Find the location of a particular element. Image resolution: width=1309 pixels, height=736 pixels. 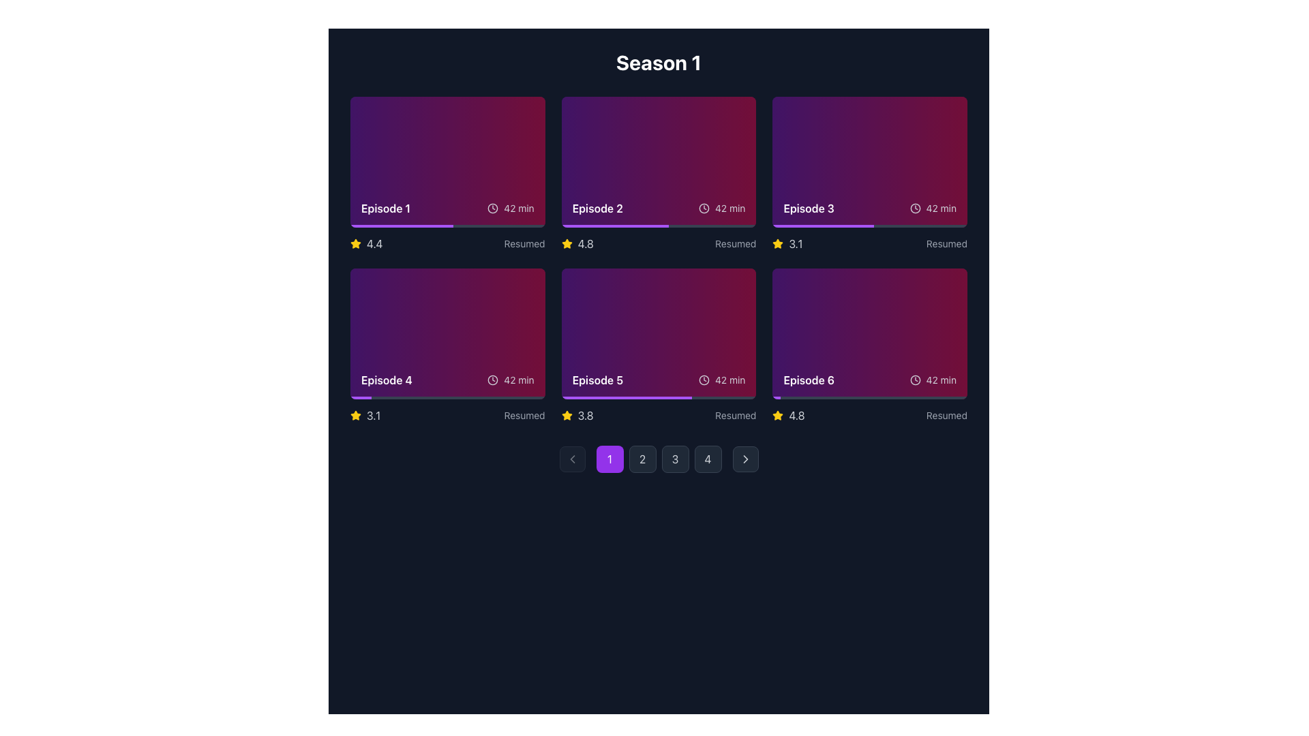

text content of the label indicating the viewing status of the episode, located in the bottom-right corner of the Episode 3 card in the third column of the first row is located at coordinates (946, 243).